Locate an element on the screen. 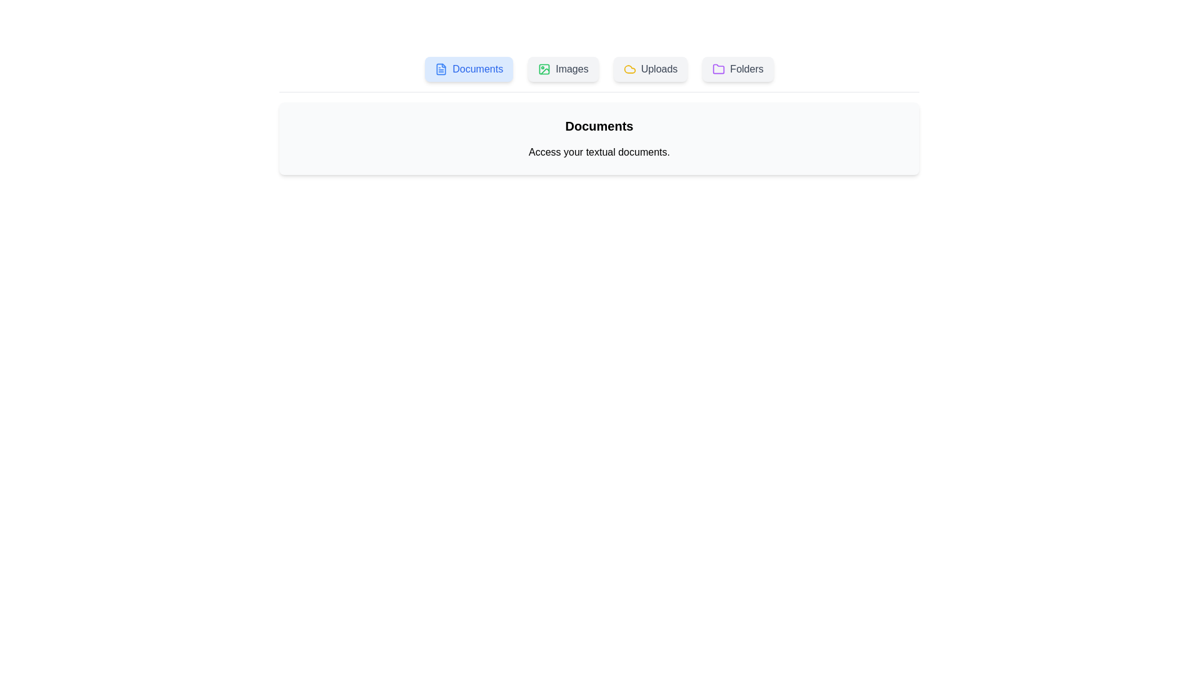  the 'Images' tab to view its content is located at coordinates (562, 69).